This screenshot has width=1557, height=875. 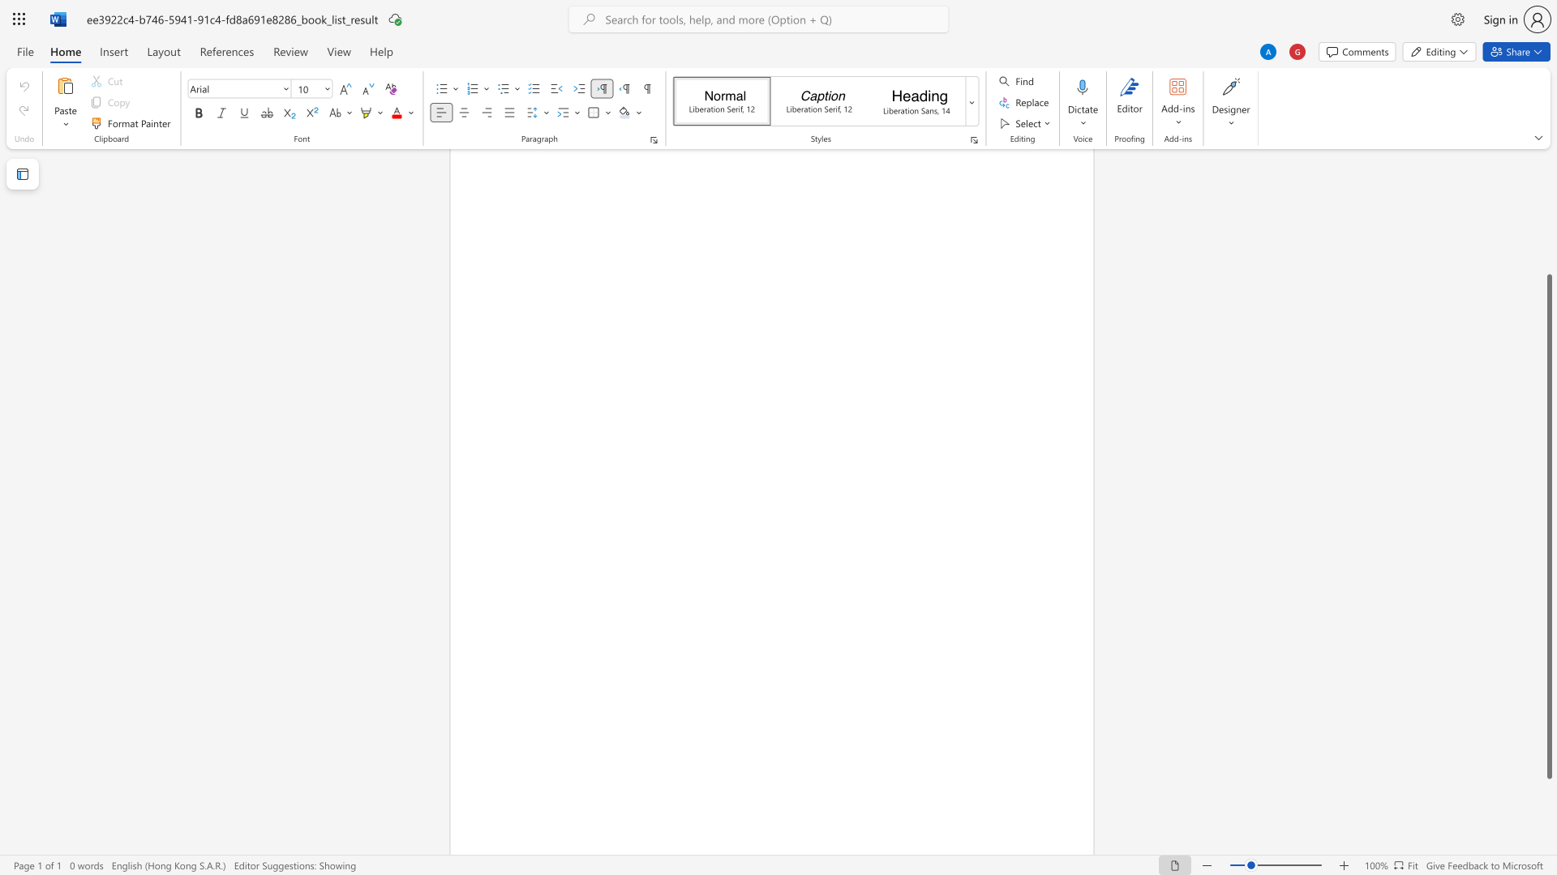 I want to click on the scrollbar on the right, so click(x=1548, y=177).